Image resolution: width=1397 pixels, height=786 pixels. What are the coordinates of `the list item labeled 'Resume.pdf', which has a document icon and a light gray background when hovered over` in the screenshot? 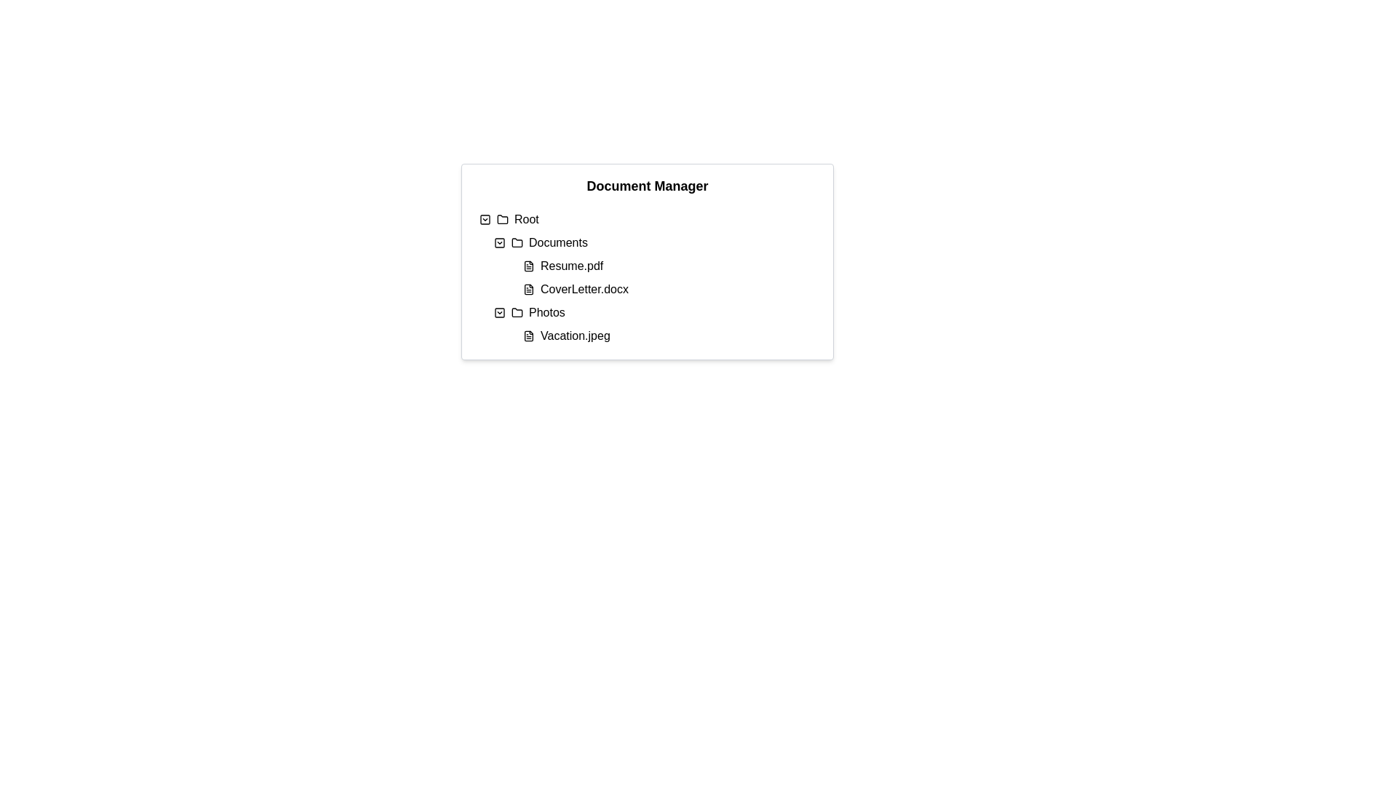 It's located at (669, 266).